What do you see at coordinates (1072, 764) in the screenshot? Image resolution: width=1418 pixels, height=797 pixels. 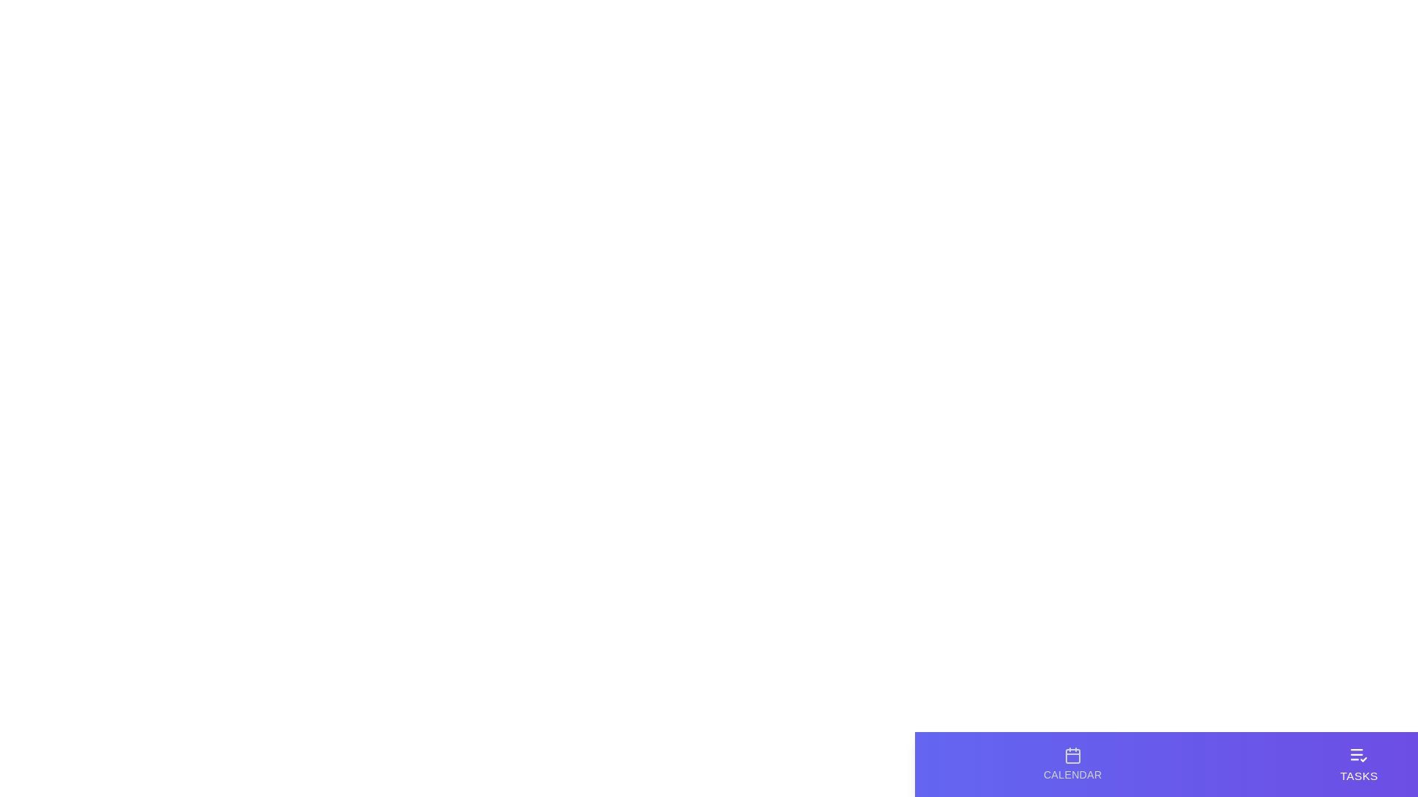 I see `the Calendar tab by clicking on its icon or label` at bounding box center [1072, 764].